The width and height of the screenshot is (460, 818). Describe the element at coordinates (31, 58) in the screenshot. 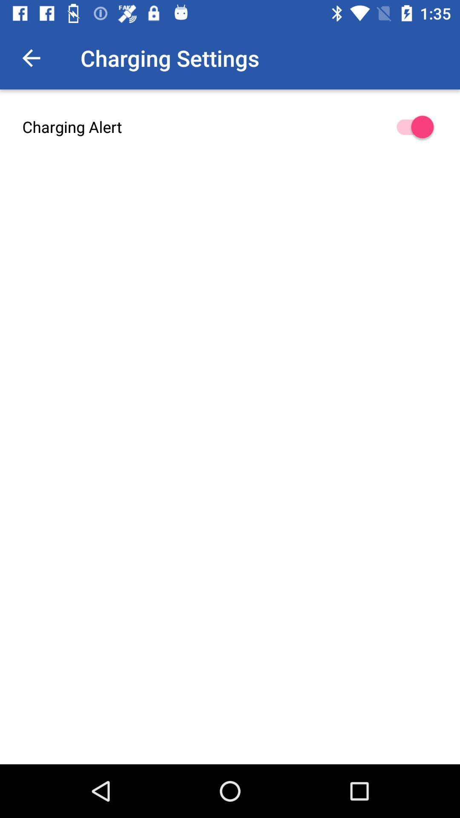

I see `icon above the charging alert` at that location.